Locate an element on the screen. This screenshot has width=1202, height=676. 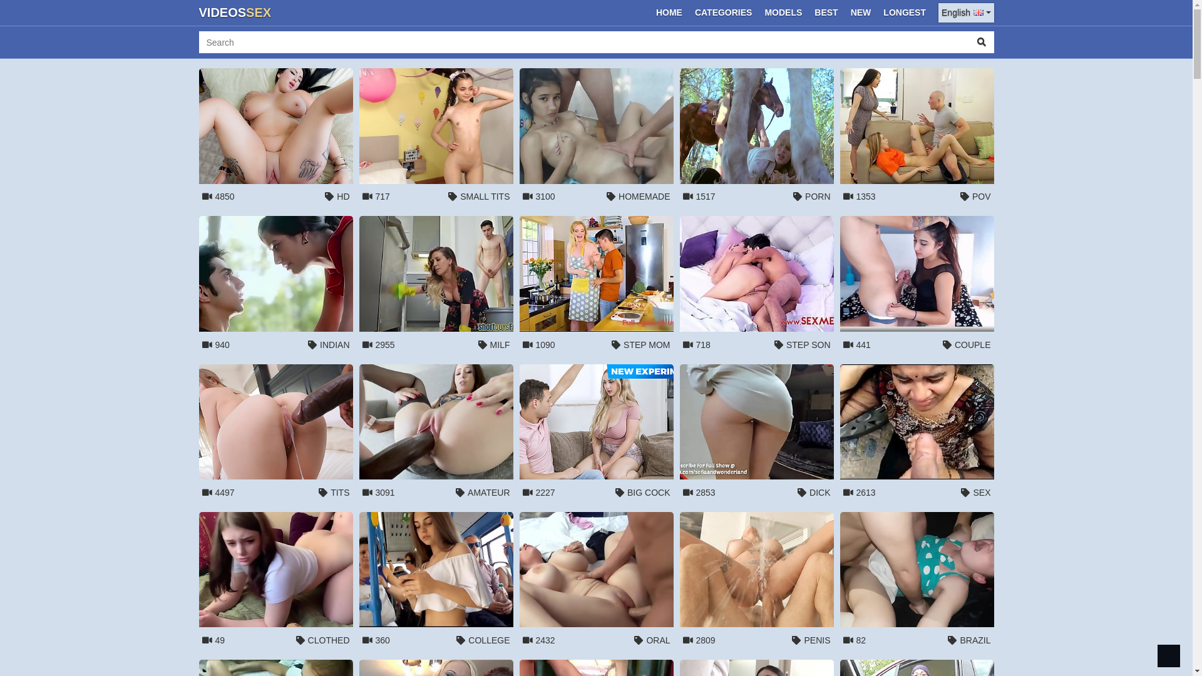
'3091 is located at coordinates (359, 434).